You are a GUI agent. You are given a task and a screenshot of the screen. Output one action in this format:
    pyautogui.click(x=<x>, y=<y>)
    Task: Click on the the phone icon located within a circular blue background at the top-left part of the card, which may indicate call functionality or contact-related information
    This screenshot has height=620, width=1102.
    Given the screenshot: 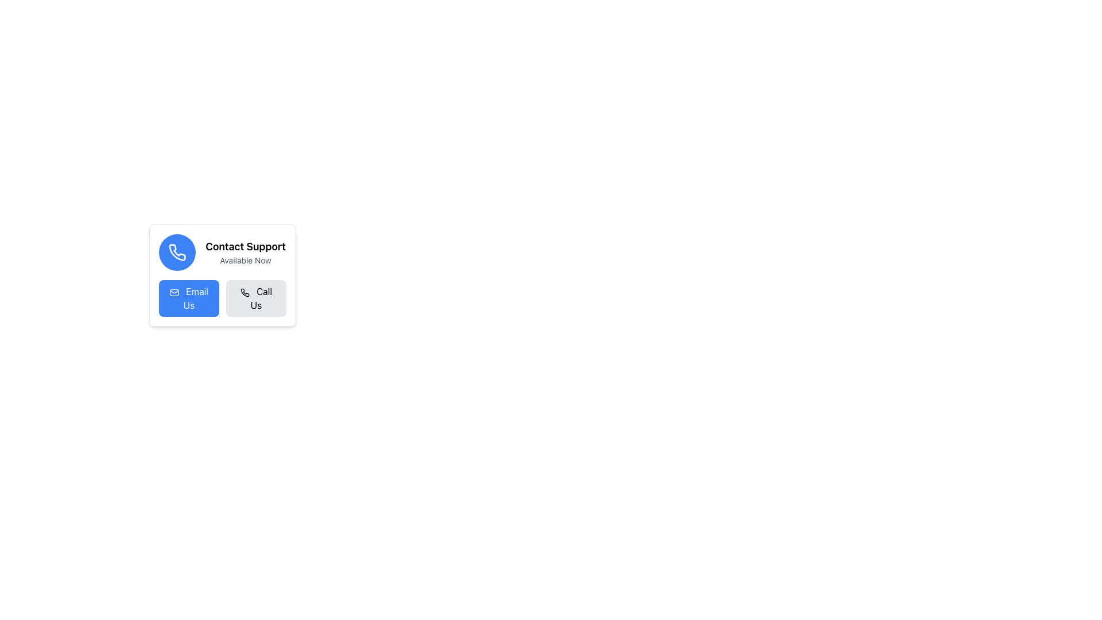 What is the action you would take?
    pyautogui.click(x=176, y=251)
    